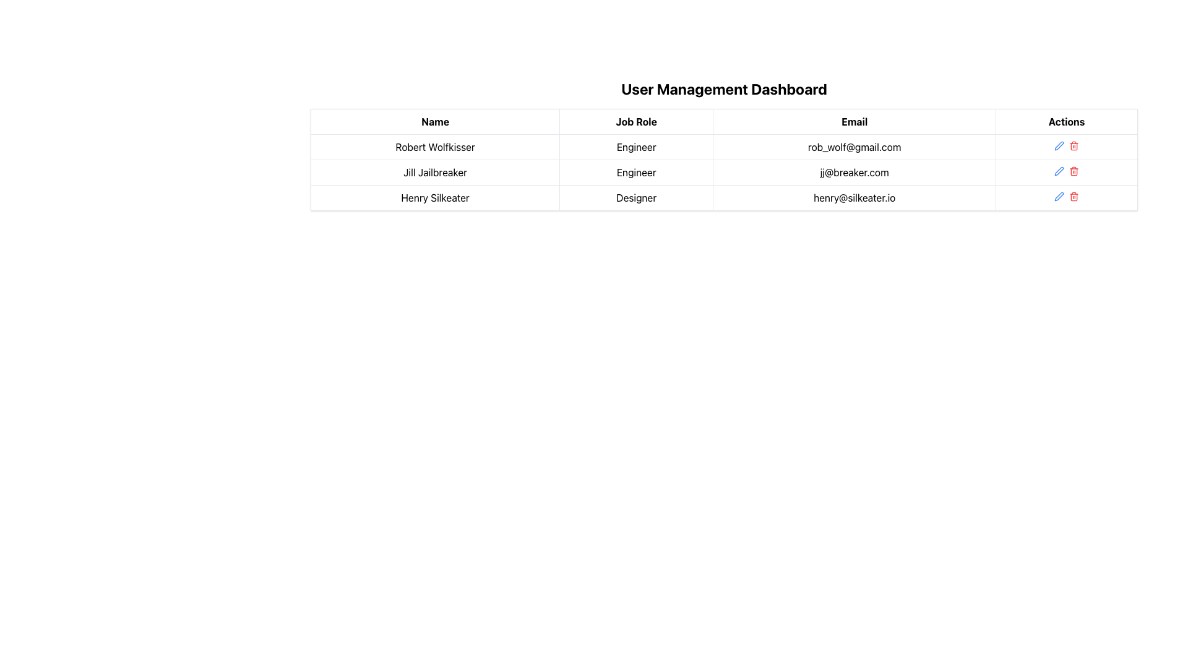 This screenshot has height=668, width=1188. What do you see at coordinates (1059, 145) in the screenshot?
I see `the pen icon button located in the 'Actions' column of the first row in the user management table to initiate editing` at bounding box center [1059, 145].